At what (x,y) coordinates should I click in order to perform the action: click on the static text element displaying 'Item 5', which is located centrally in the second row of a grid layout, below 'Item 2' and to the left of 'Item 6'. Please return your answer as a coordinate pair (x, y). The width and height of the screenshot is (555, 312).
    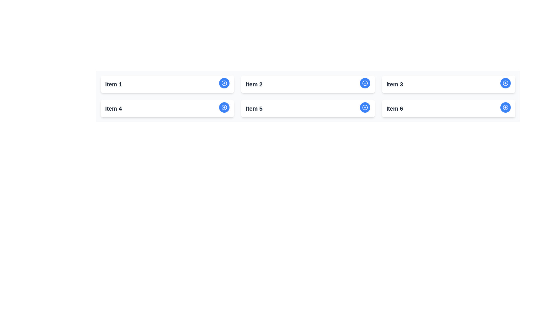
    Looking at the image, I should click on (254, 108).